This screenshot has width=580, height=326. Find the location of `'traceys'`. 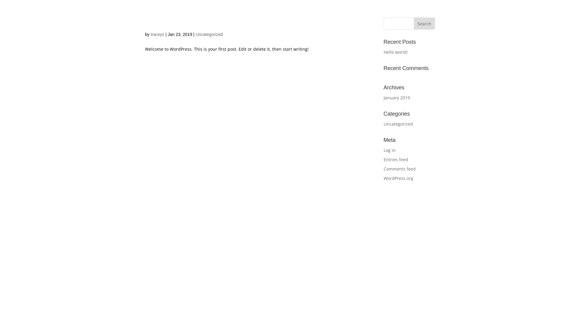

'traceys' is located at coordinates (151, 34).